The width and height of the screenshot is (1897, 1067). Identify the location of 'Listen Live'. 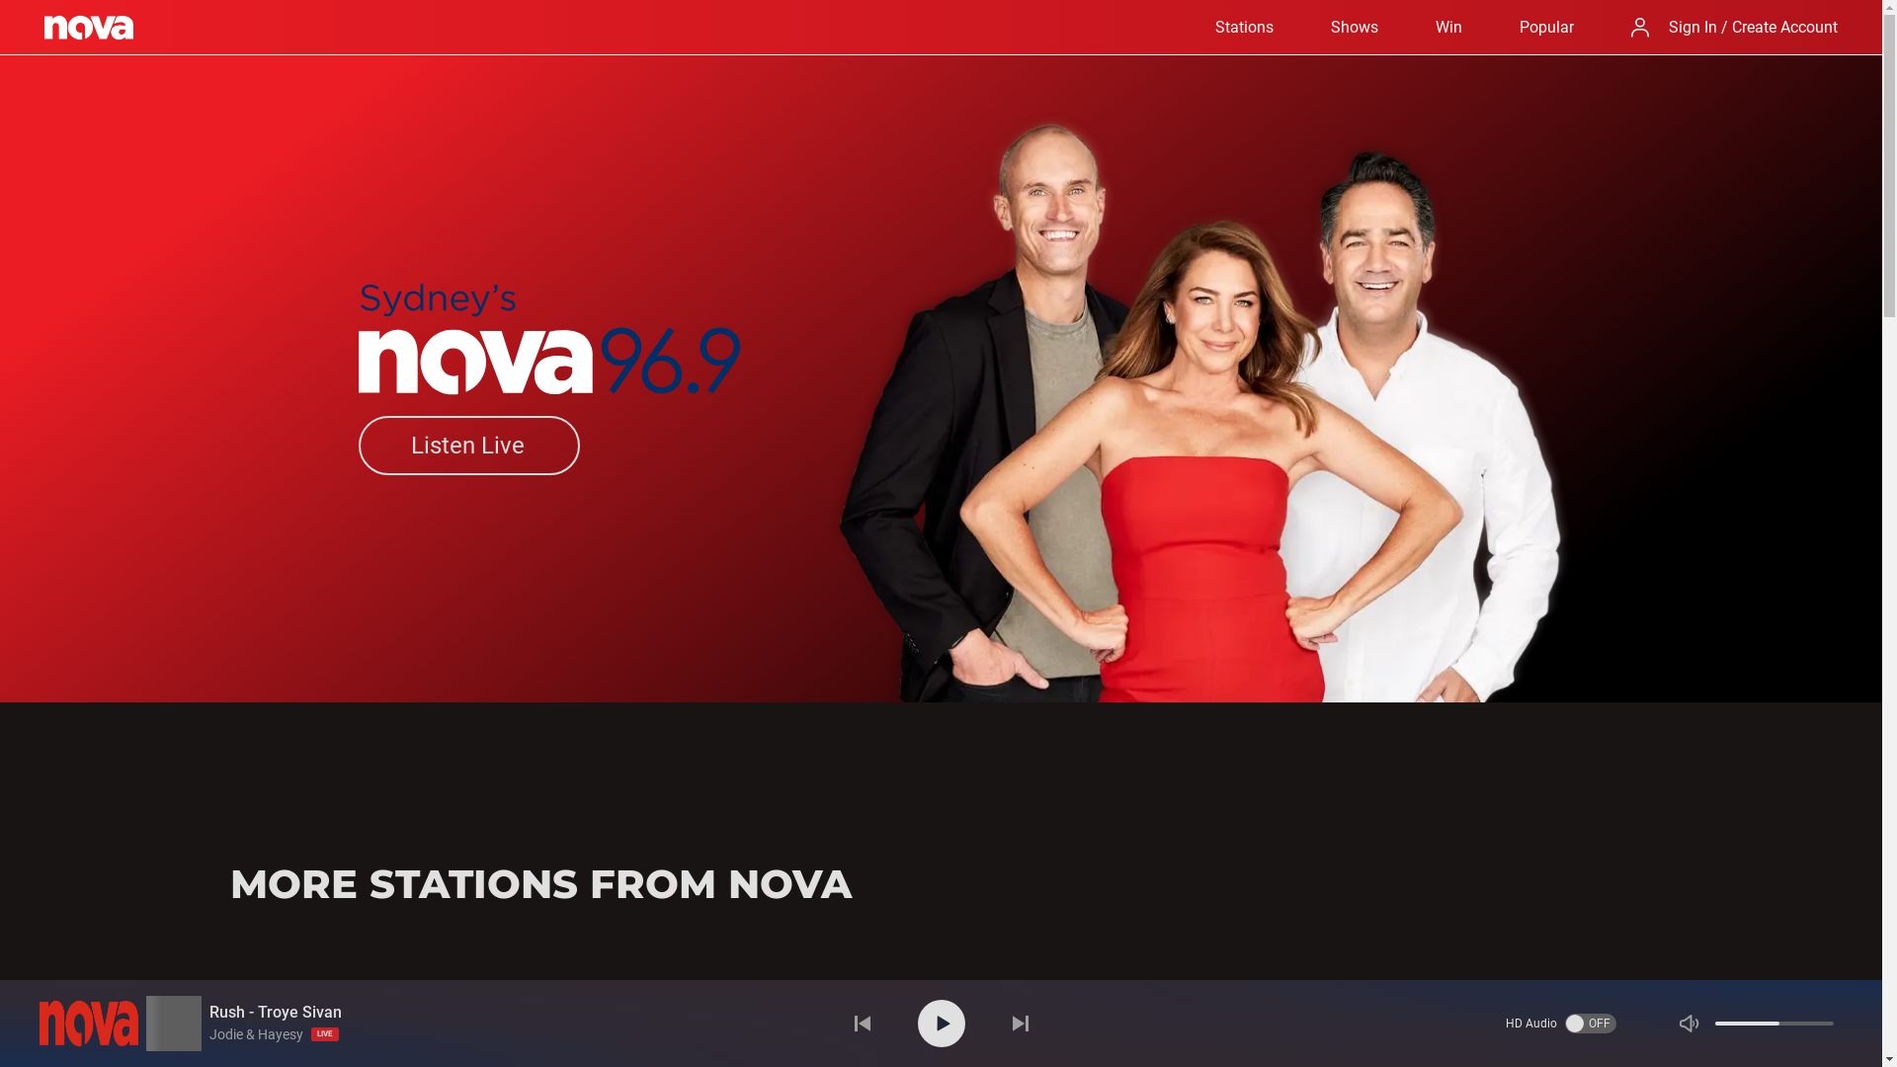
(467, 446).